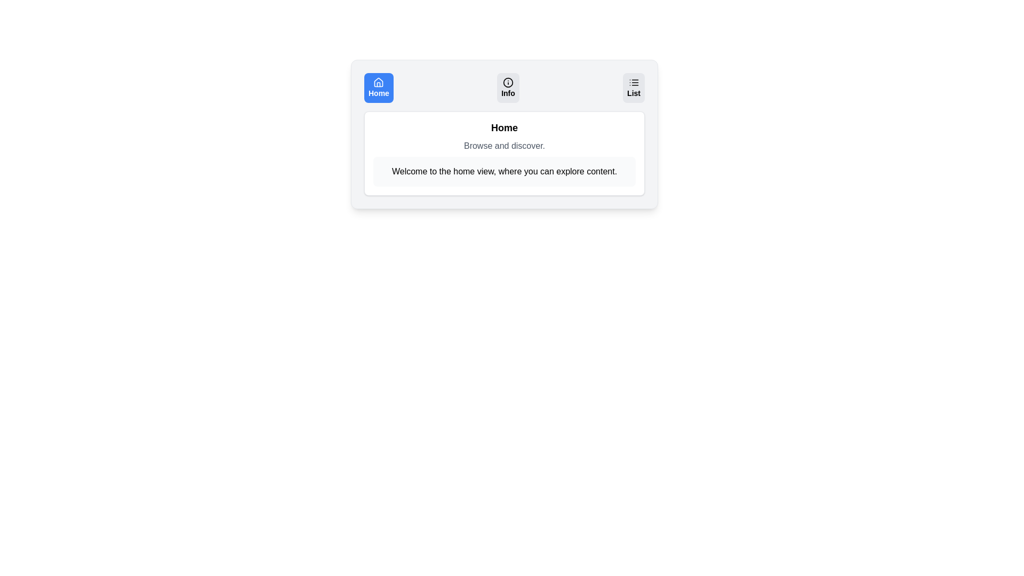 This screenshot has height=576, width=1024. Describe the element at coordinates (379, 82) in the screenshot. I see `the icon associated with the Home tab` at that location.